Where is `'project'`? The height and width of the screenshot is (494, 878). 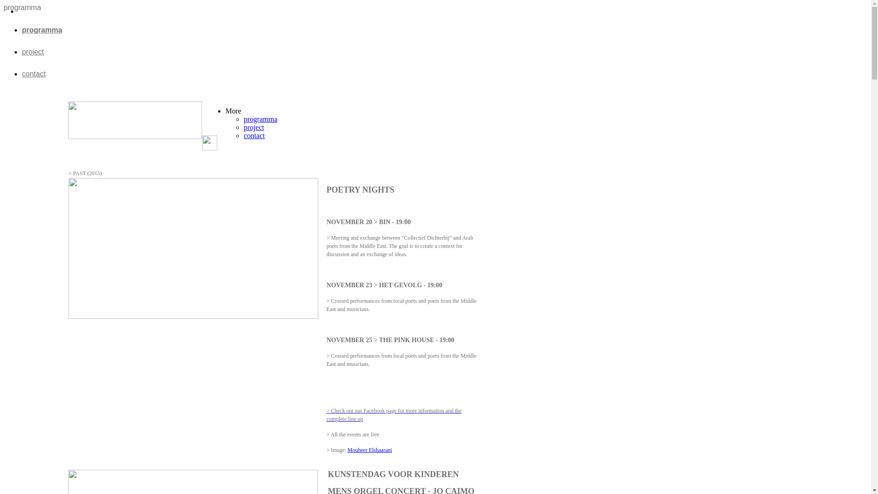
'project' is located at coordinates (243, 127).